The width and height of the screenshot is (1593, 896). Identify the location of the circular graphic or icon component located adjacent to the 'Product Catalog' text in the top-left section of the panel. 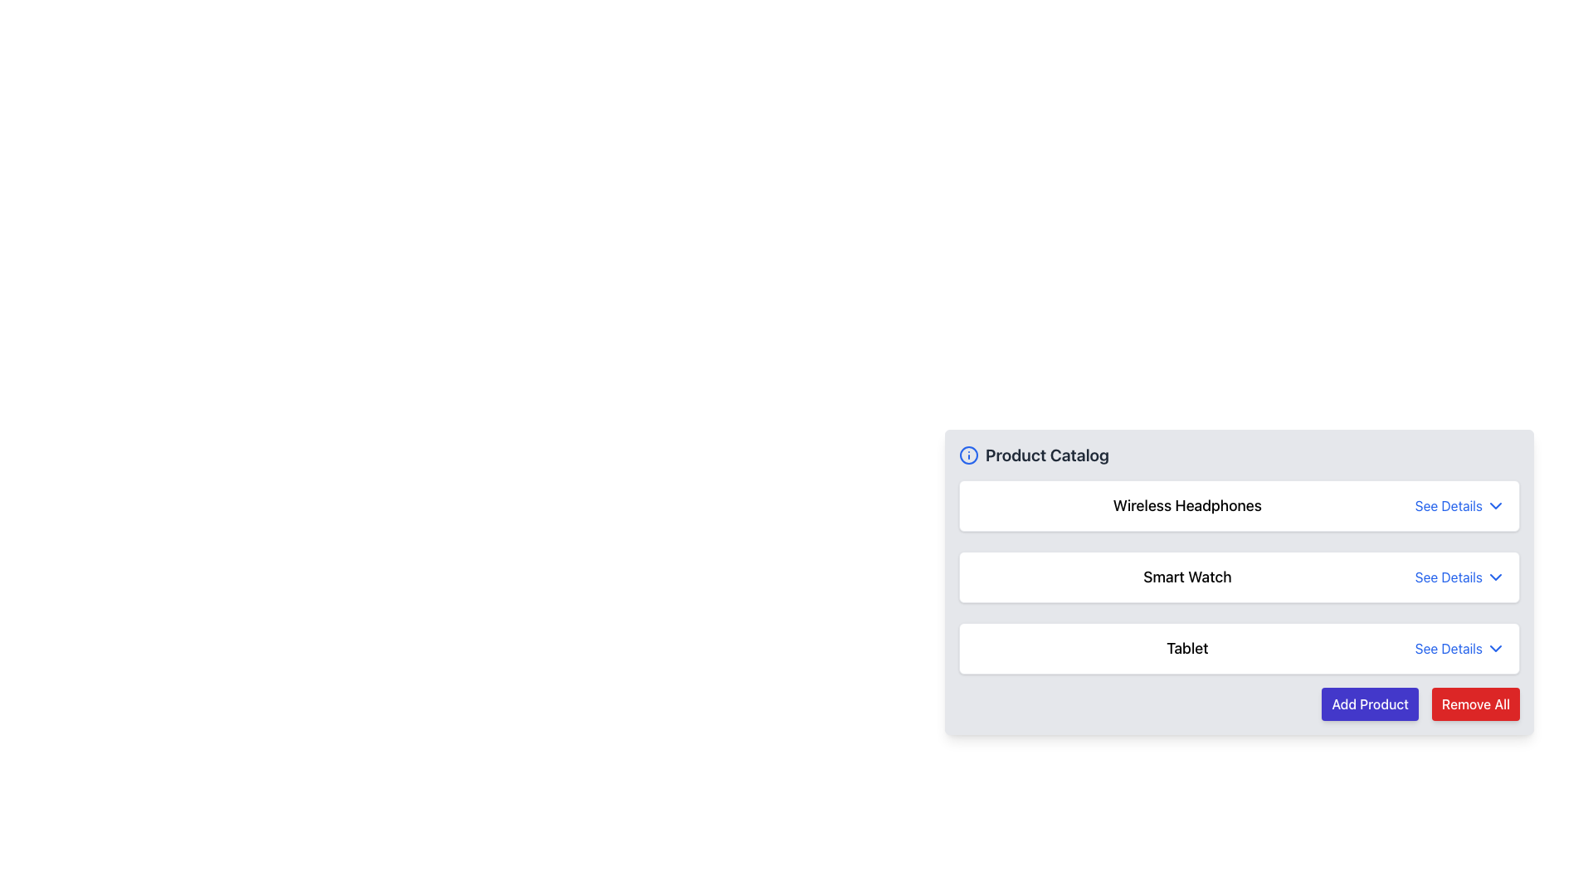
(968, 455).